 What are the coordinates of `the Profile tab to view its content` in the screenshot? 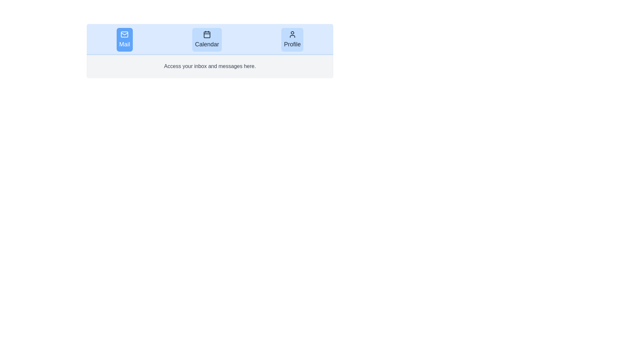 It's located at (292, 39).